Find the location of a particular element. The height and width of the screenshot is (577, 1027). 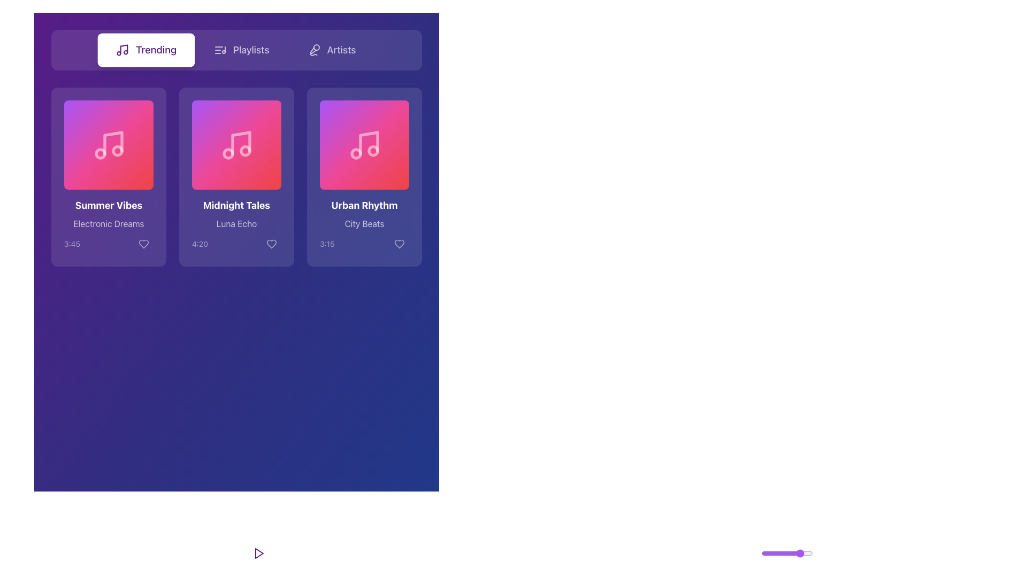

the heart-shaped favorite icon located centrally below the title 'Midnight Tales' in the second card of the 'Trending' section is located at coordinates (272, 244).